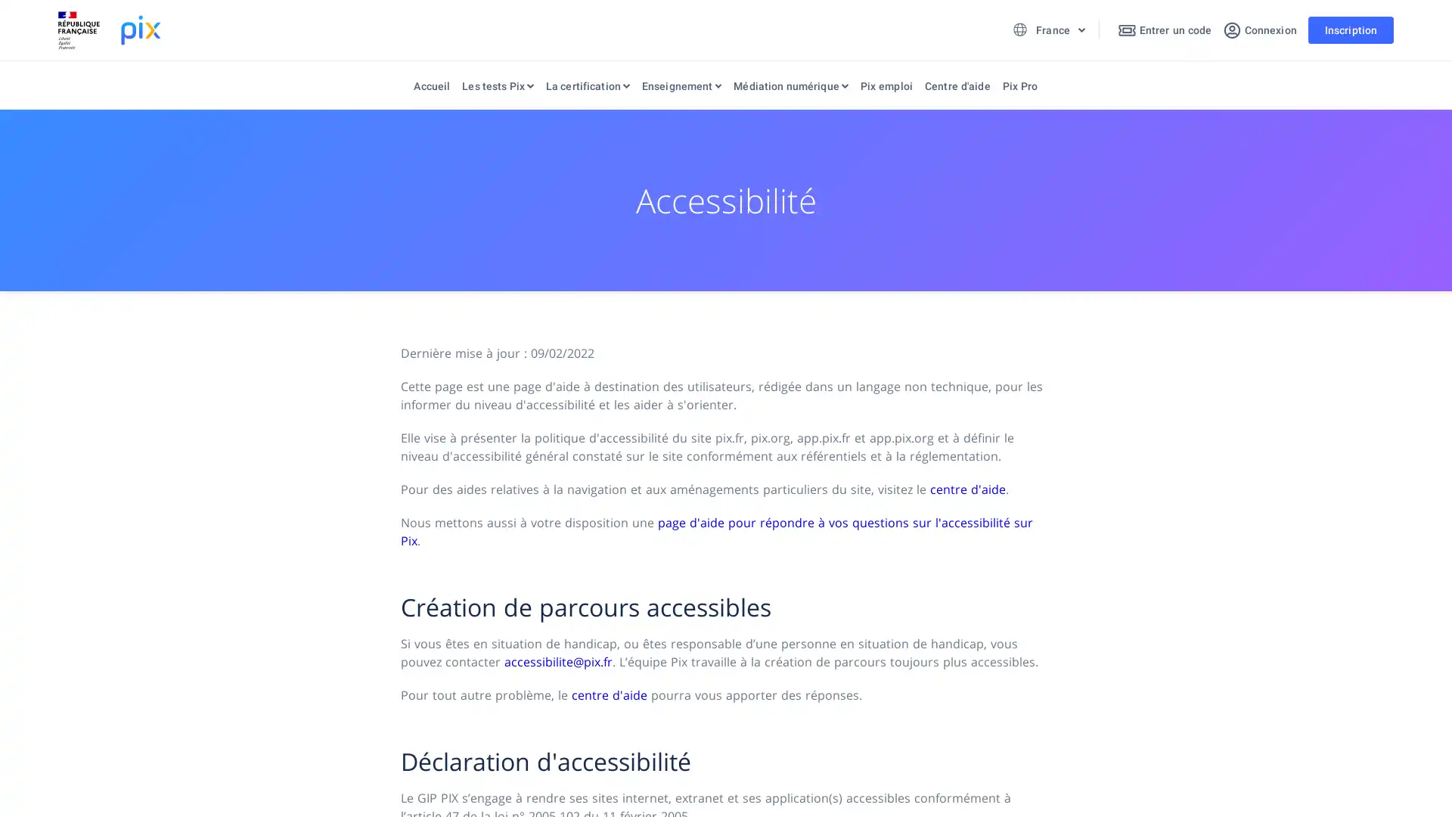  I want to click on La certification, so click(586, 89).